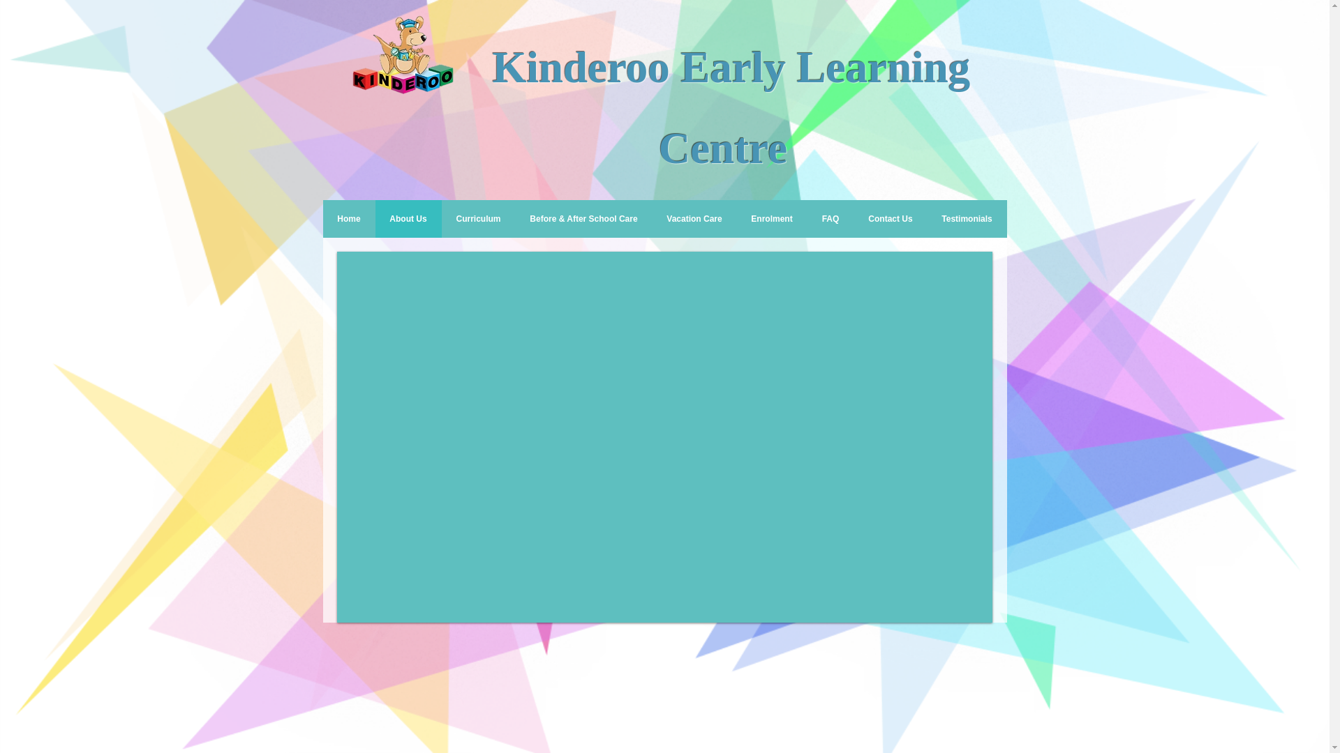 The height and width of the screenshot is (753, 1340). What do you see at coordinates (492, 67) in the screenshot?
I see `'Kinderoo'` at bounding box center [492, 67].